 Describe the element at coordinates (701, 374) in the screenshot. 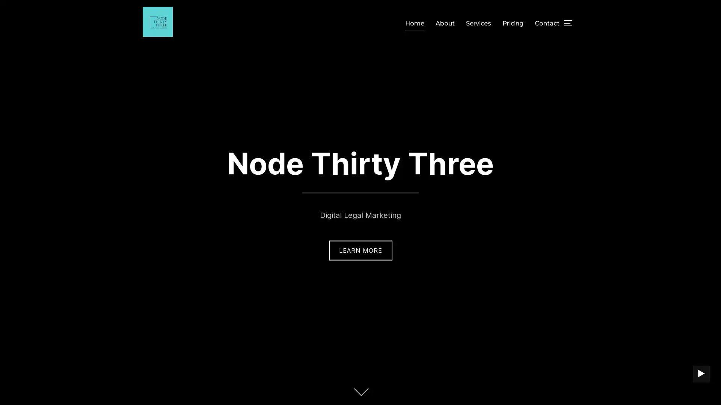

I see `PLAY BACKGROUND VIDEO` at that location.